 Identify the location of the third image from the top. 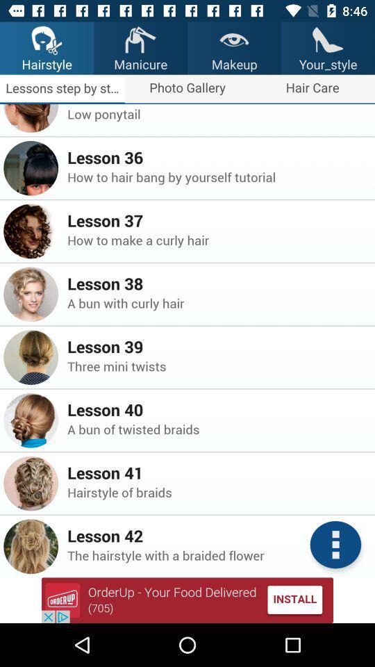
(31, 231).